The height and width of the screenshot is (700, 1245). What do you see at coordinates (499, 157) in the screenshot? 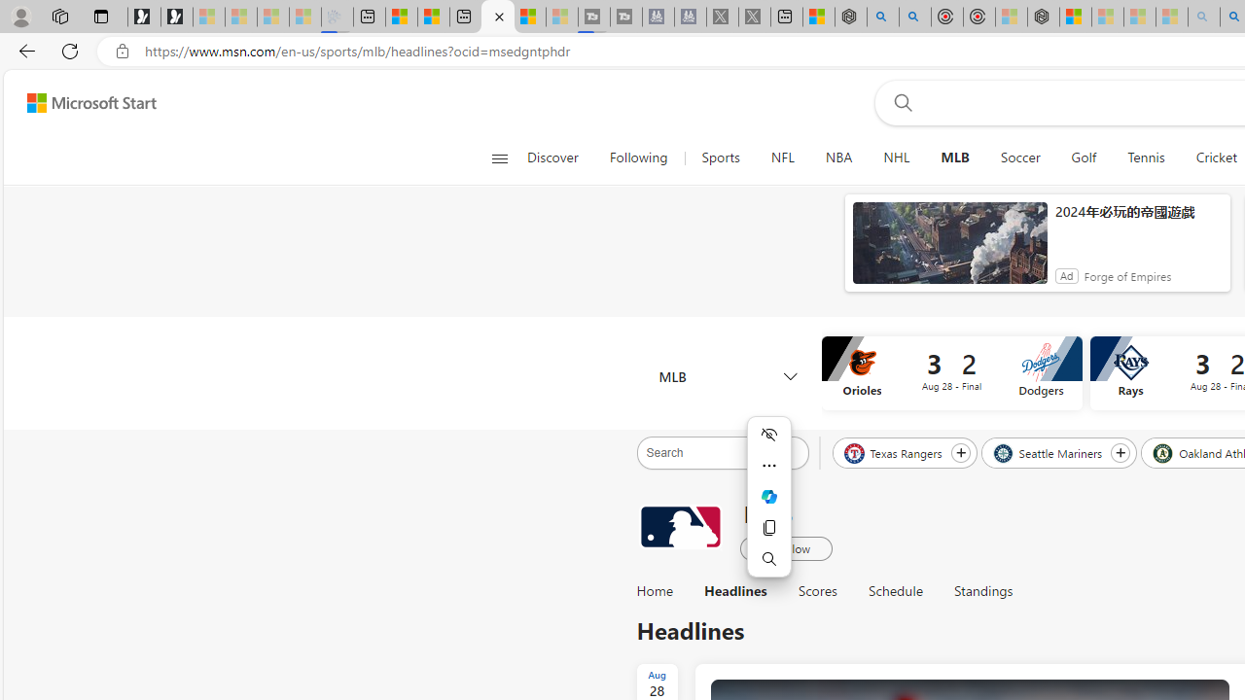
I see `'Open navigation menu'` at bounding box center [499, 157].